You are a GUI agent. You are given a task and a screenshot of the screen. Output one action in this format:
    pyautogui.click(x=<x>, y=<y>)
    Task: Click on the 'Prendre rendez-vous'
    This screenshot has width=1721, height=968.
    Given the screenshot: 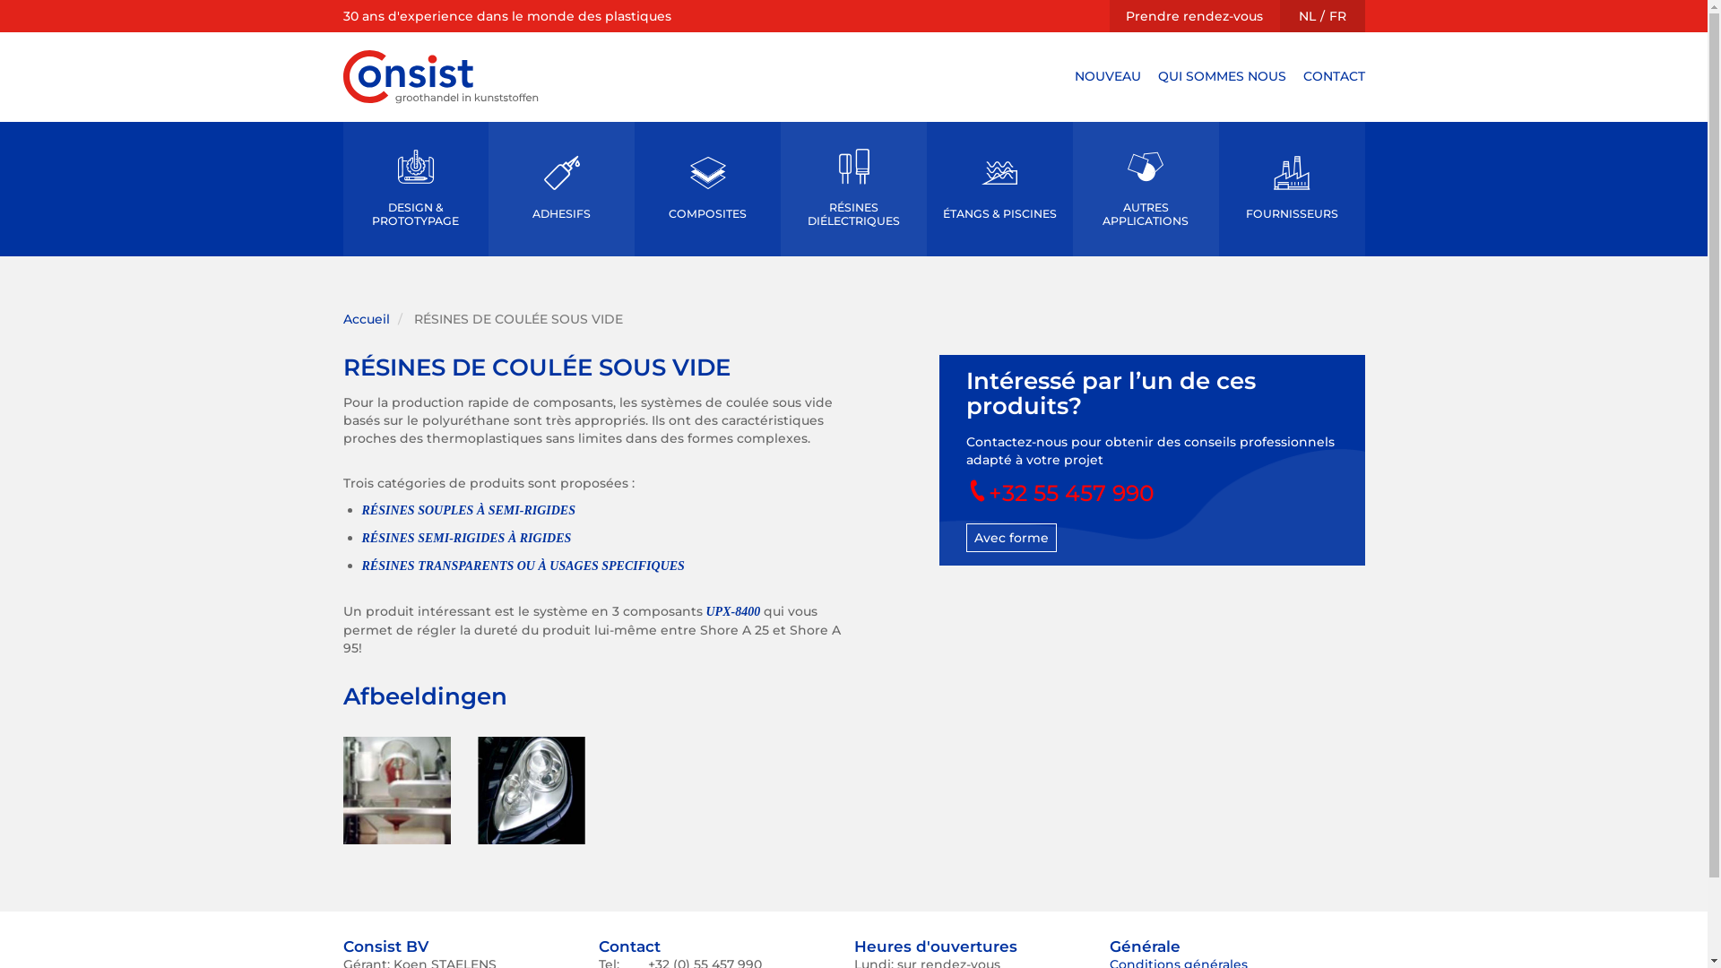 What is the action you would take?
    pyautogui.click(x=1194, y=16)
    